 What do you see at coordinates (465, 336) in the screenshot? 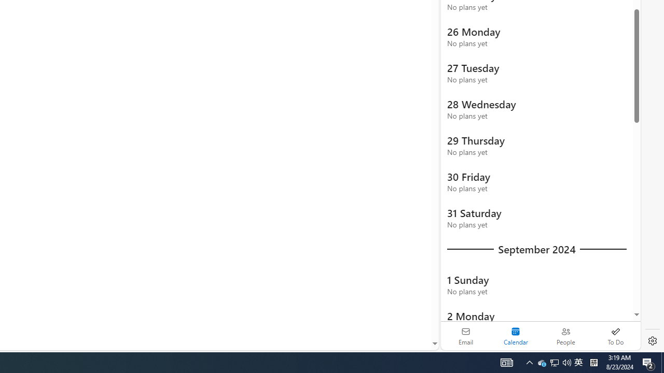
I see `'Email'` at bounding box center [465, 336].